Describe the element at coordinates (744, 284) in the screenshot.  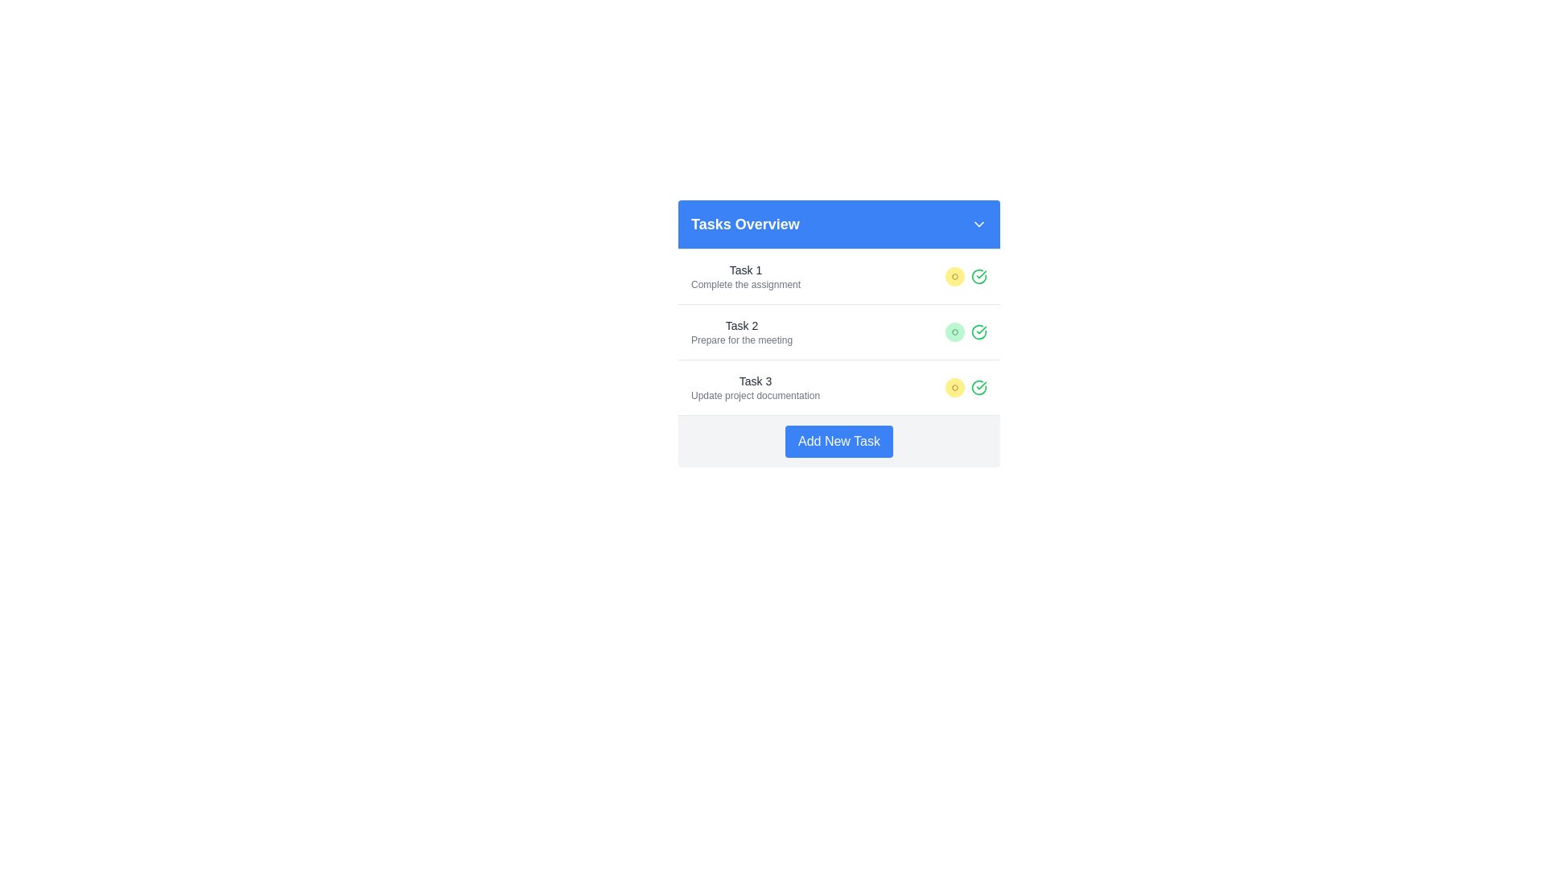
I see `the text label providing a brief description of 'Task 1', which is located beneath the 'Task 1' header in the task listing interface` at that location.